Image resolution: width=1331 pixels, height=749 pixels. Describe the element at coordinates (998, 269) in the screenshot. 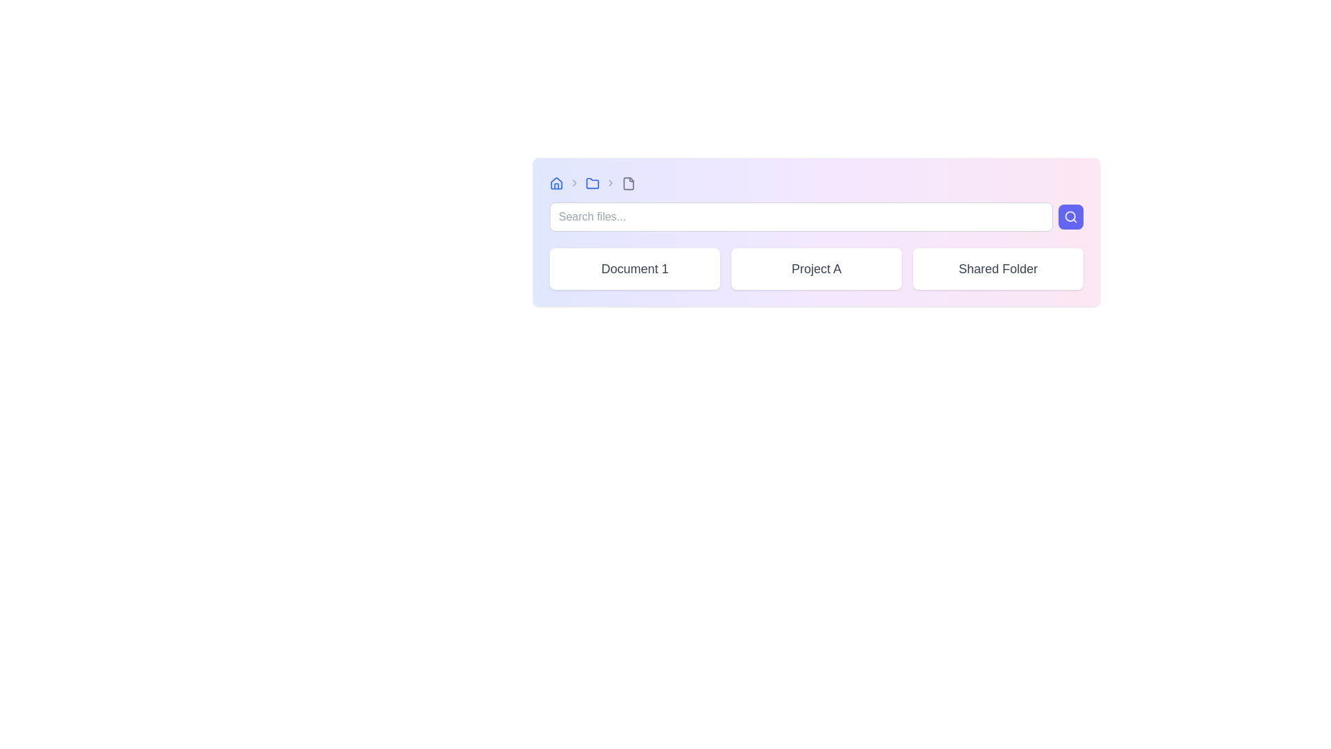

I see `the text label indicating the name of a folder, which is located to the right of 'Project A' in the far-right section of the row of clickable options` at that location.